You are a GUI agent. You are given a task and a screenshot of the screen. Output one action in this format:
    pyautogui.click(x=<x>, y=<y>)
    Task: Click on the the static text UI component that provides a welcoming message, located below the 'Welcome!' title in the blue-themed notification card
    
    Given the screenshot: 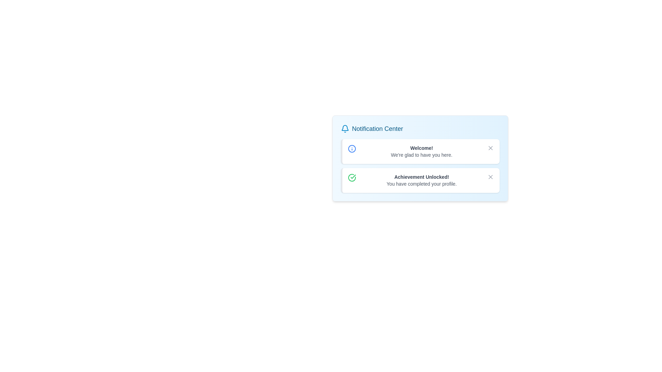 What is the action you would take?
    pyautogui.click(x=421, y=155)
    